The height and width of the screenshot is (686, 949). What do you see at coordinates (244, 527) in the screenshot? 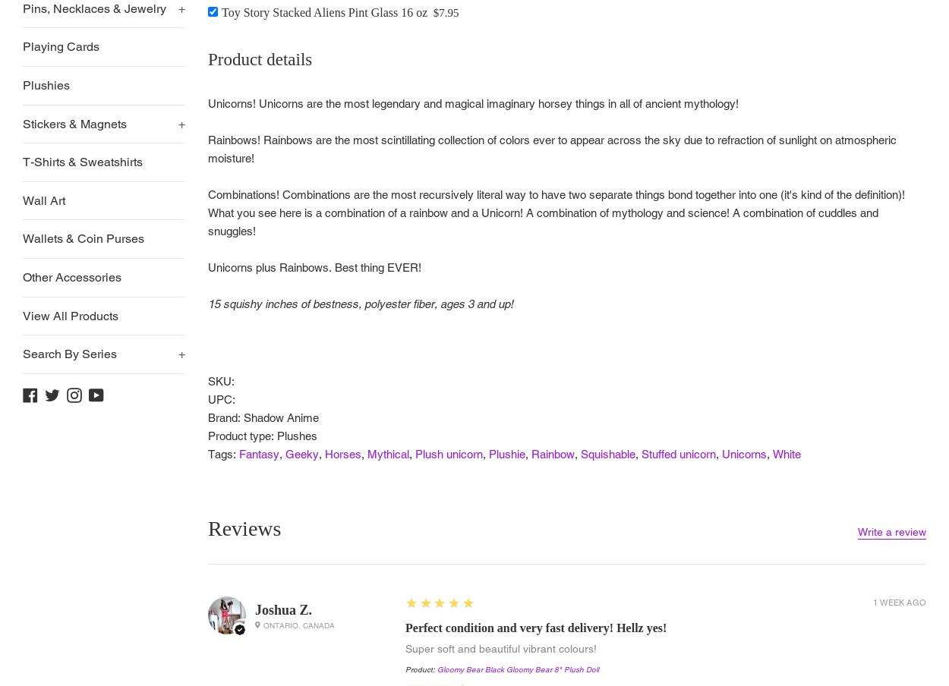
I see `'Reviews'` at bounding box center [244, 527].